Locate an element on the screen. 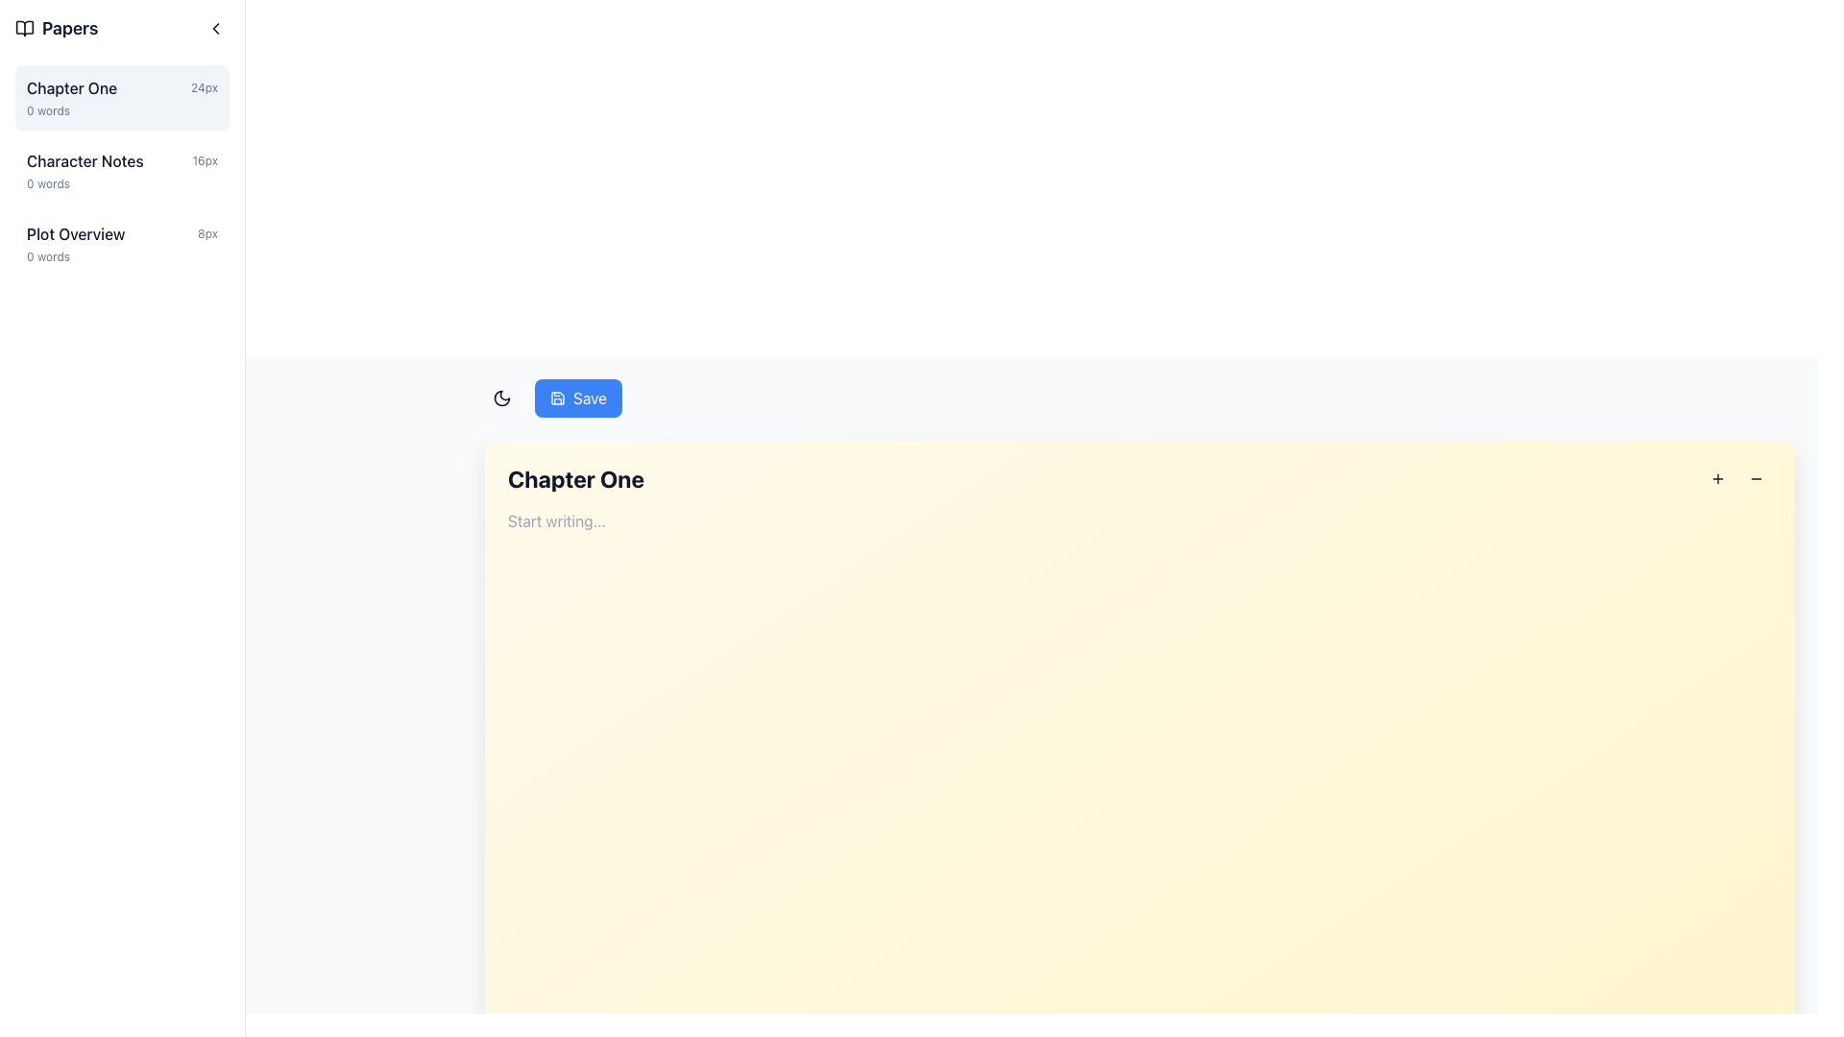 This screenshot has width=1844, height=1037. the 'Character Notes' text label located in the left sidebar is located at coordinates (84, 160).